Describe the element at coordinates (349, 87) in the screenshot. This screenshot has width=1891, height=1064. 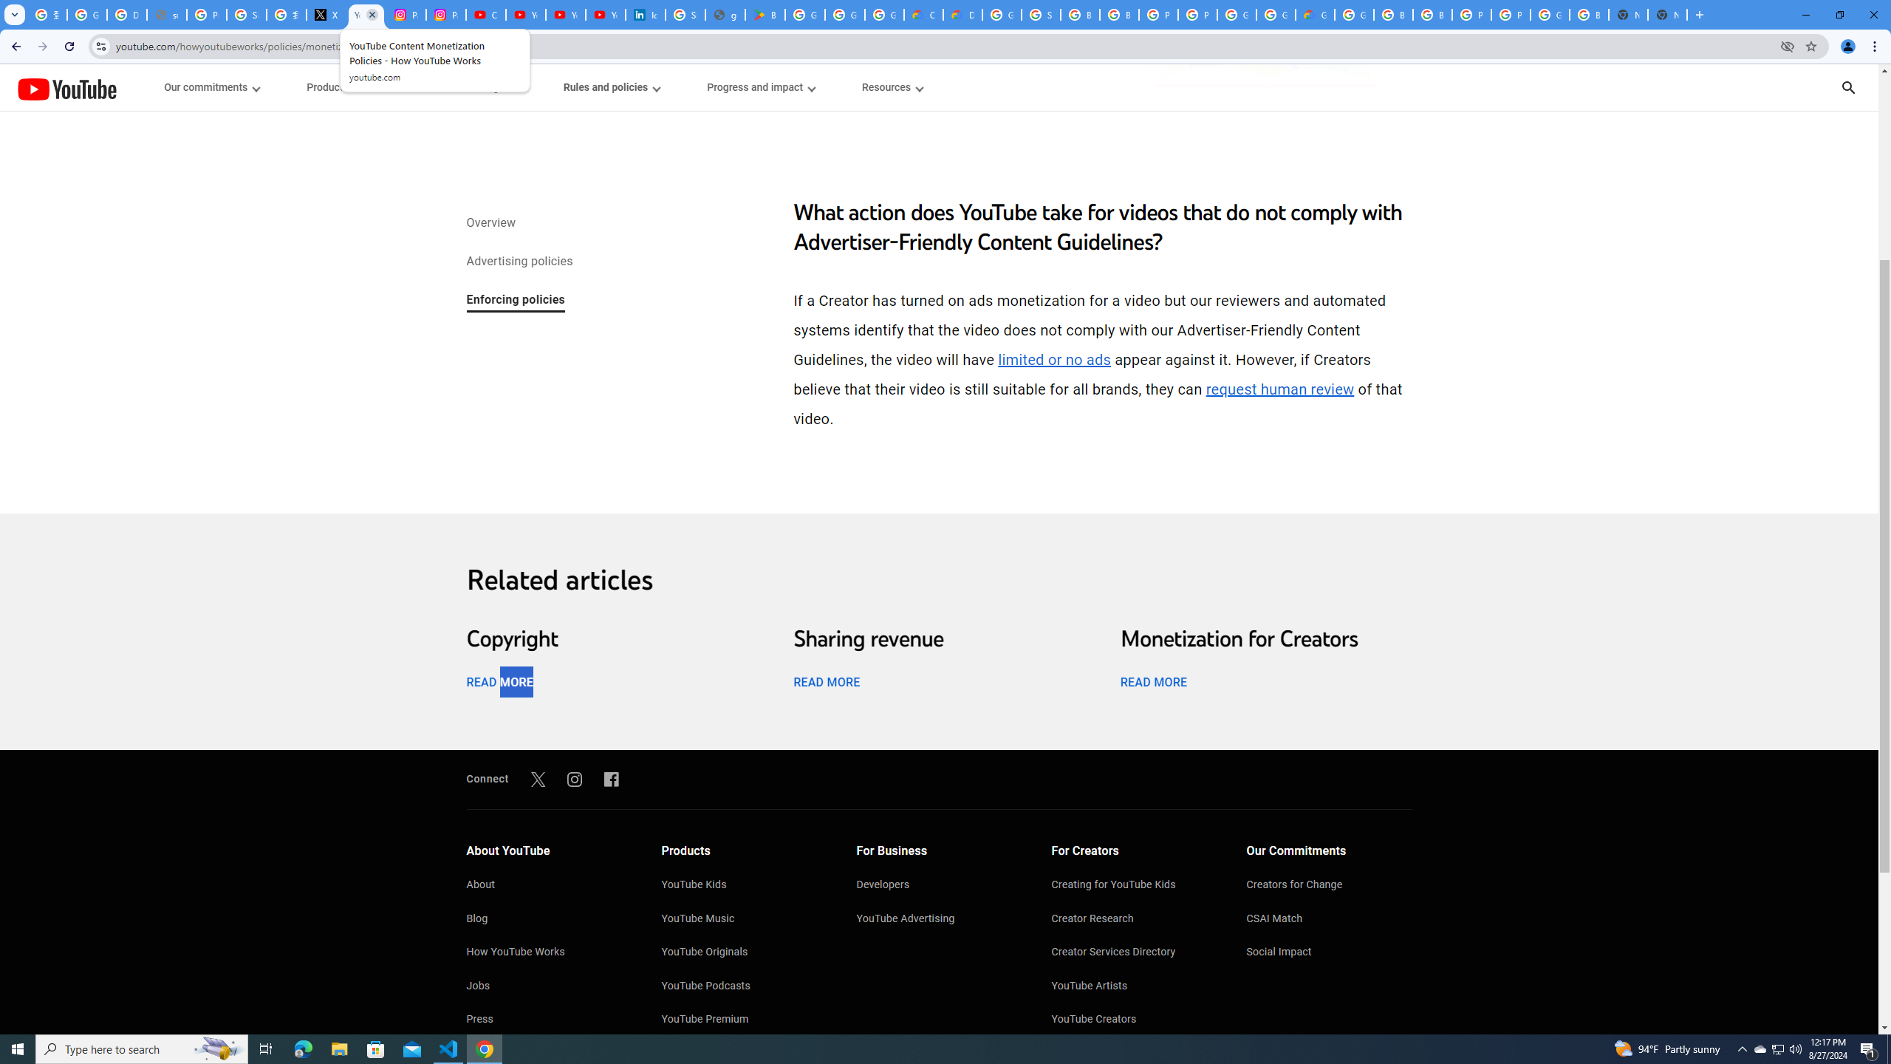
I see `'Product features menupopup'` at that location.